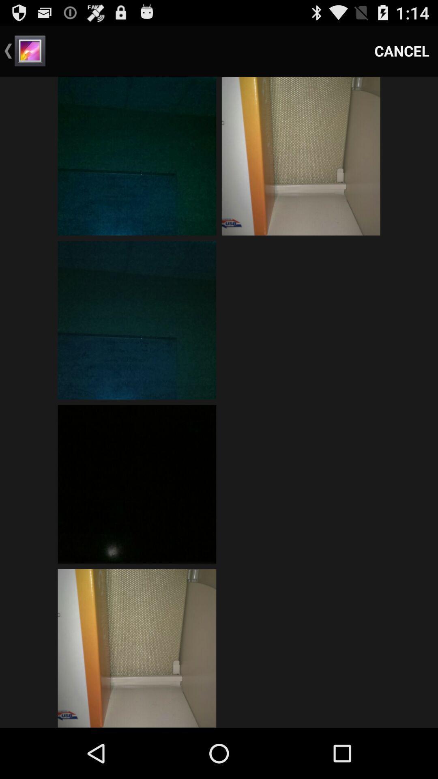 The image size is (438, 779). I want to click on the cancel, so click(402, 50).